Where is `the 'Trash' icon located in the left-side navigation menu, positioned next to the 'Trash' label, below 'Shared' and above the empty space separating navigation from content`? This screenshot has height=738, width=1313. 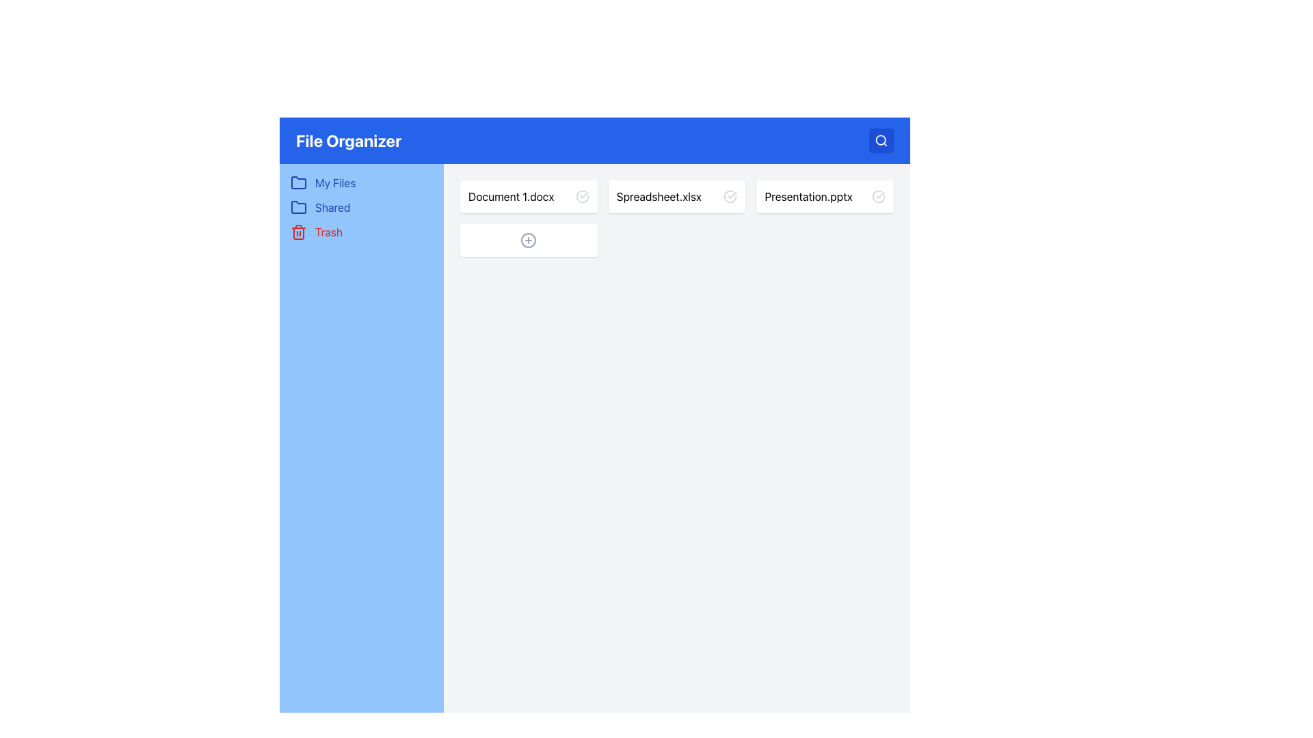 the 'Trash' icon located in the left-side navigation menu, positioned next to the 'Trash' label, below 'Shared' and above the empty space separating navigation from content is located at coordinates (297, 231).